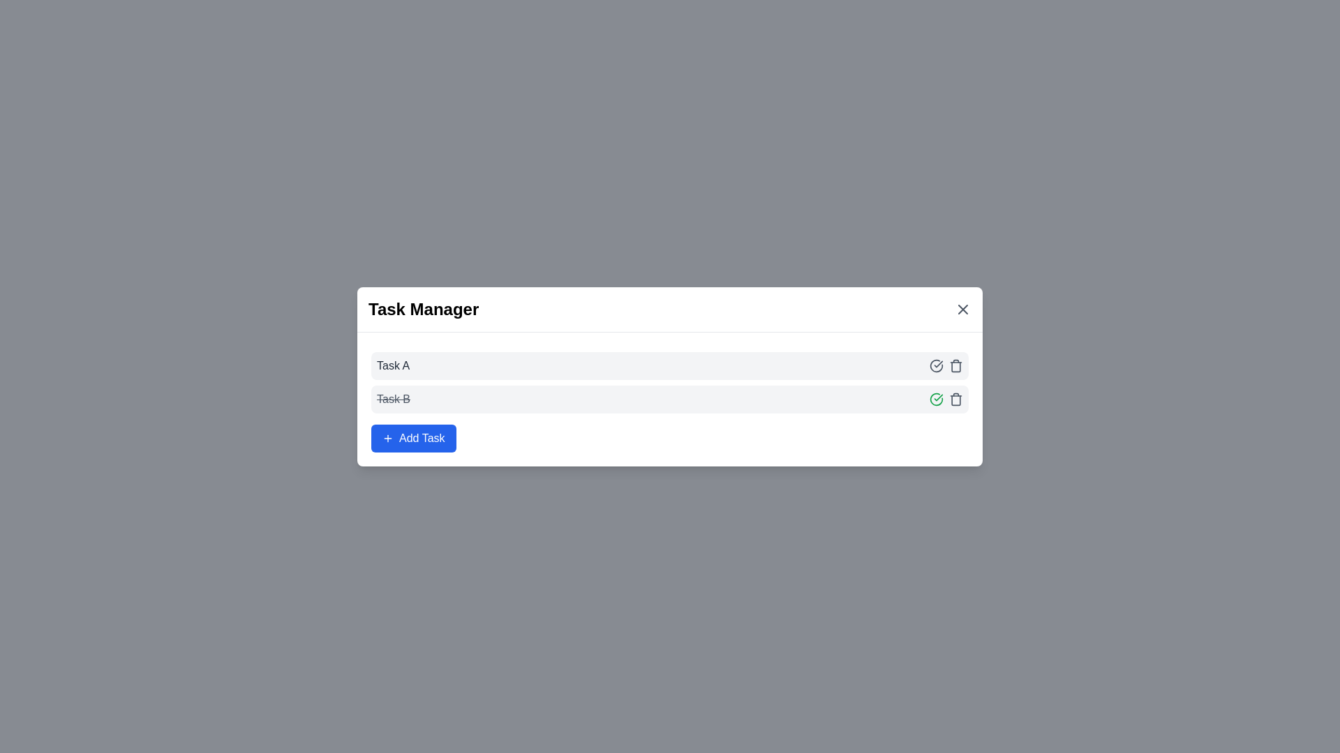  Describe the element at coordinates (421, 437) in the screenshot. I see `the Text Label that indicates the function of the button for adding a new task, located to the right of the '+' icon in the 'Task Manager' modal` at that location.